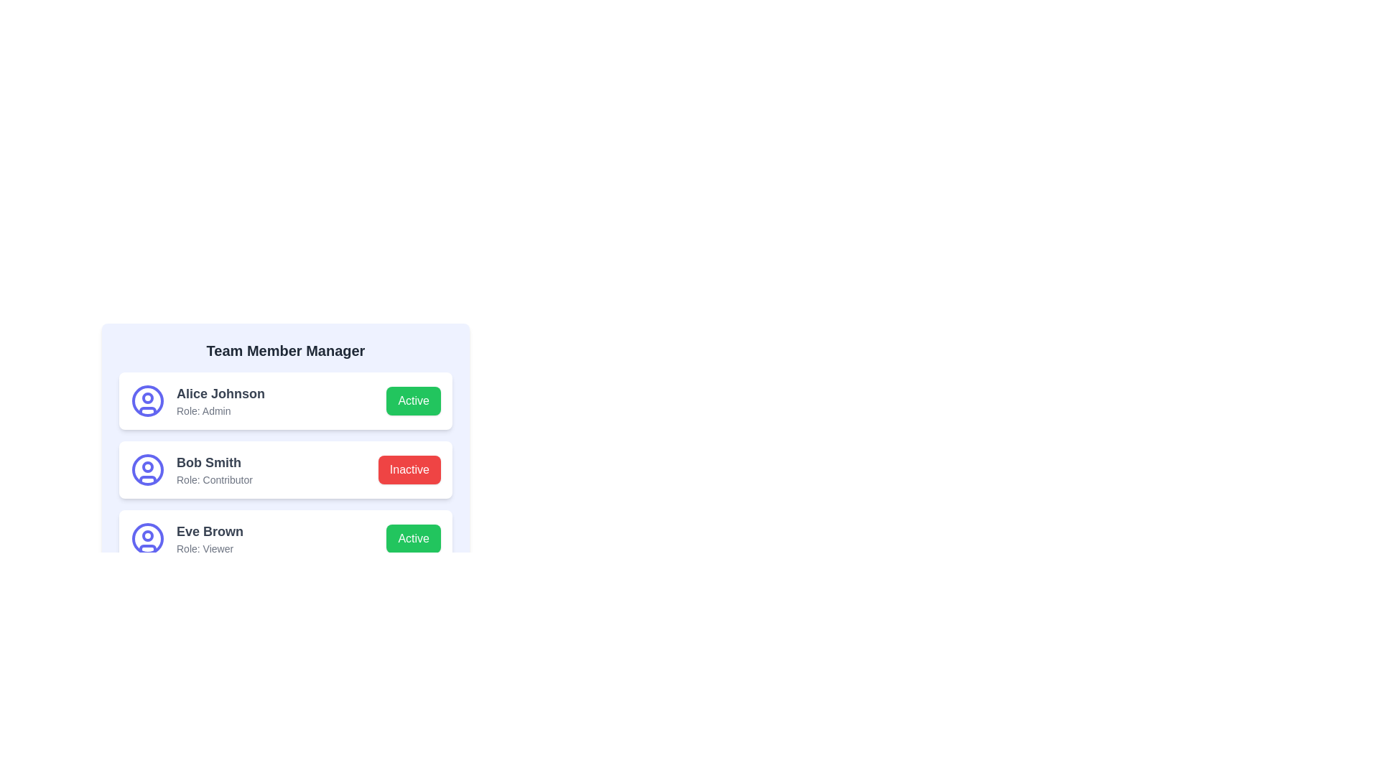 The width and height of the screenshot is (1379, 775). What do you see at coordinates (148, 539) in the screenshot?
I see `the decorative graphic element representing the profile icon for the user 'Eve Brown', located at the bottom of the user list` at bounding box center [148, 539].